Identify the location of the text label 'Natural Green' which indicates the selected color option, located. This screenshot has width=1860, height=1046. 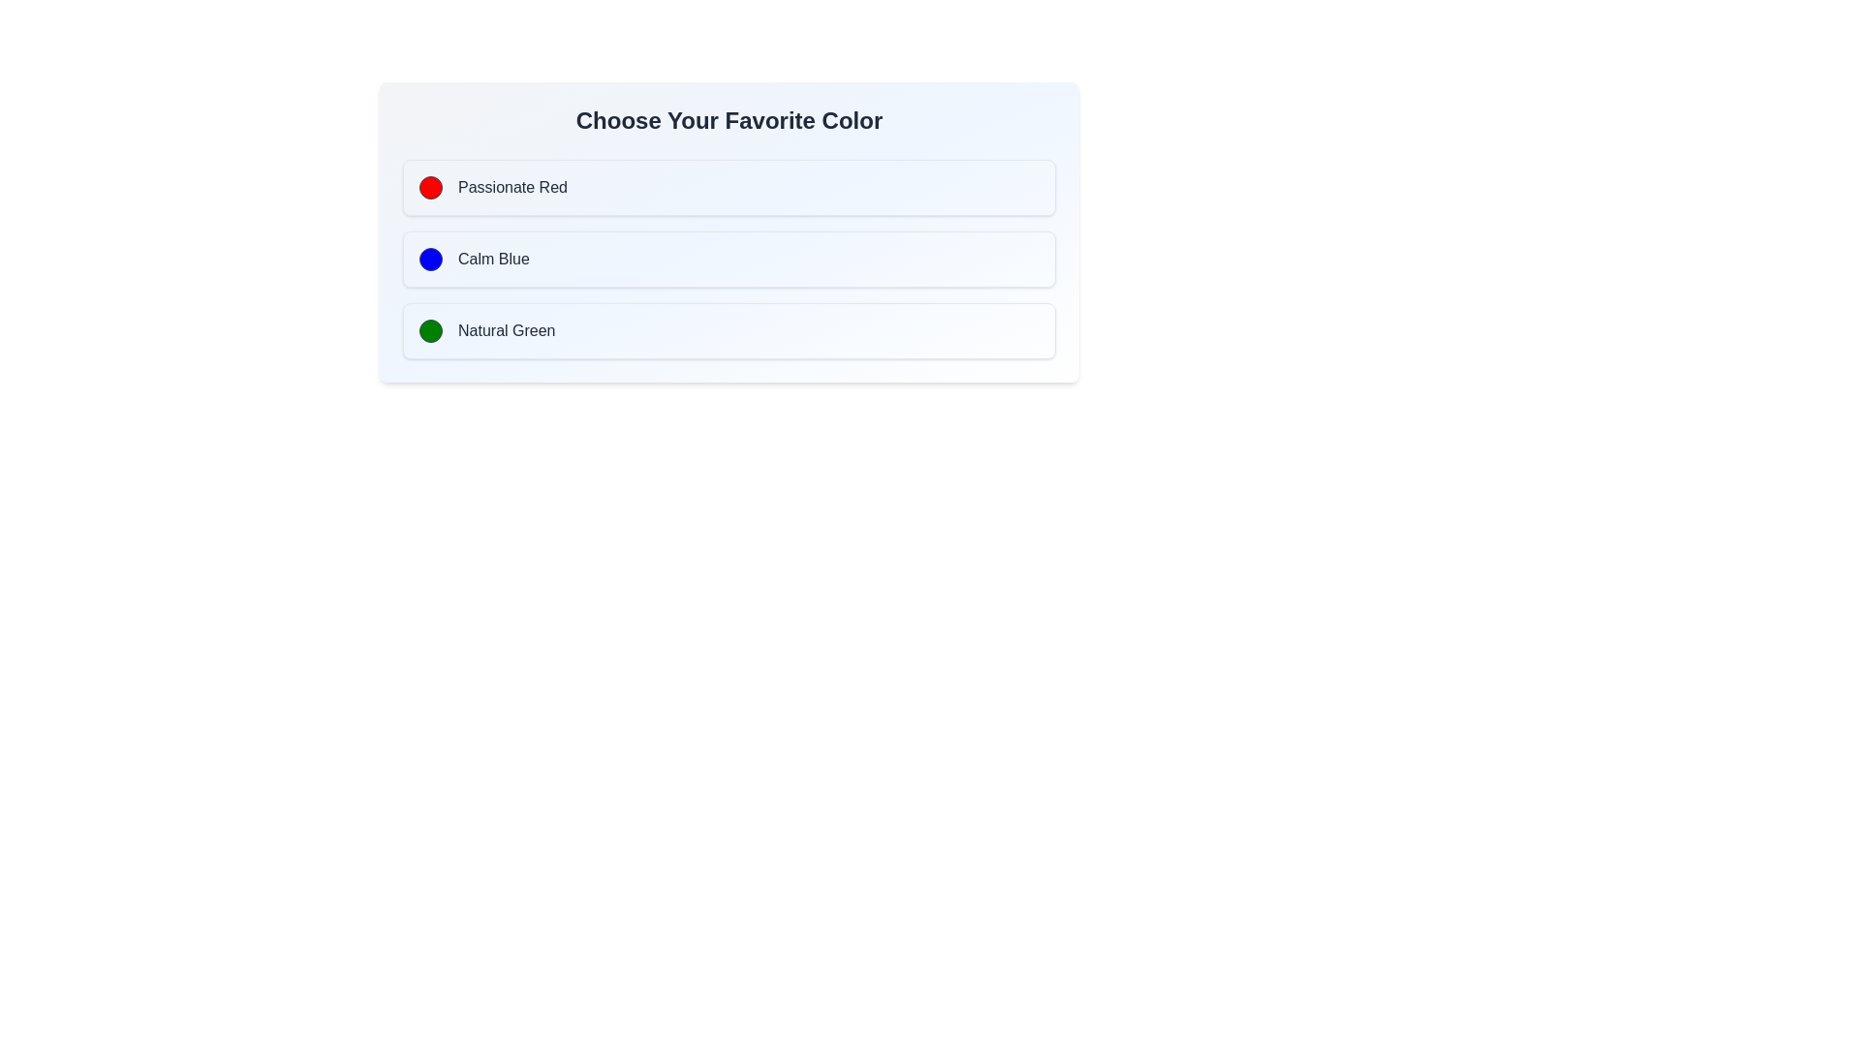
(507, 330).